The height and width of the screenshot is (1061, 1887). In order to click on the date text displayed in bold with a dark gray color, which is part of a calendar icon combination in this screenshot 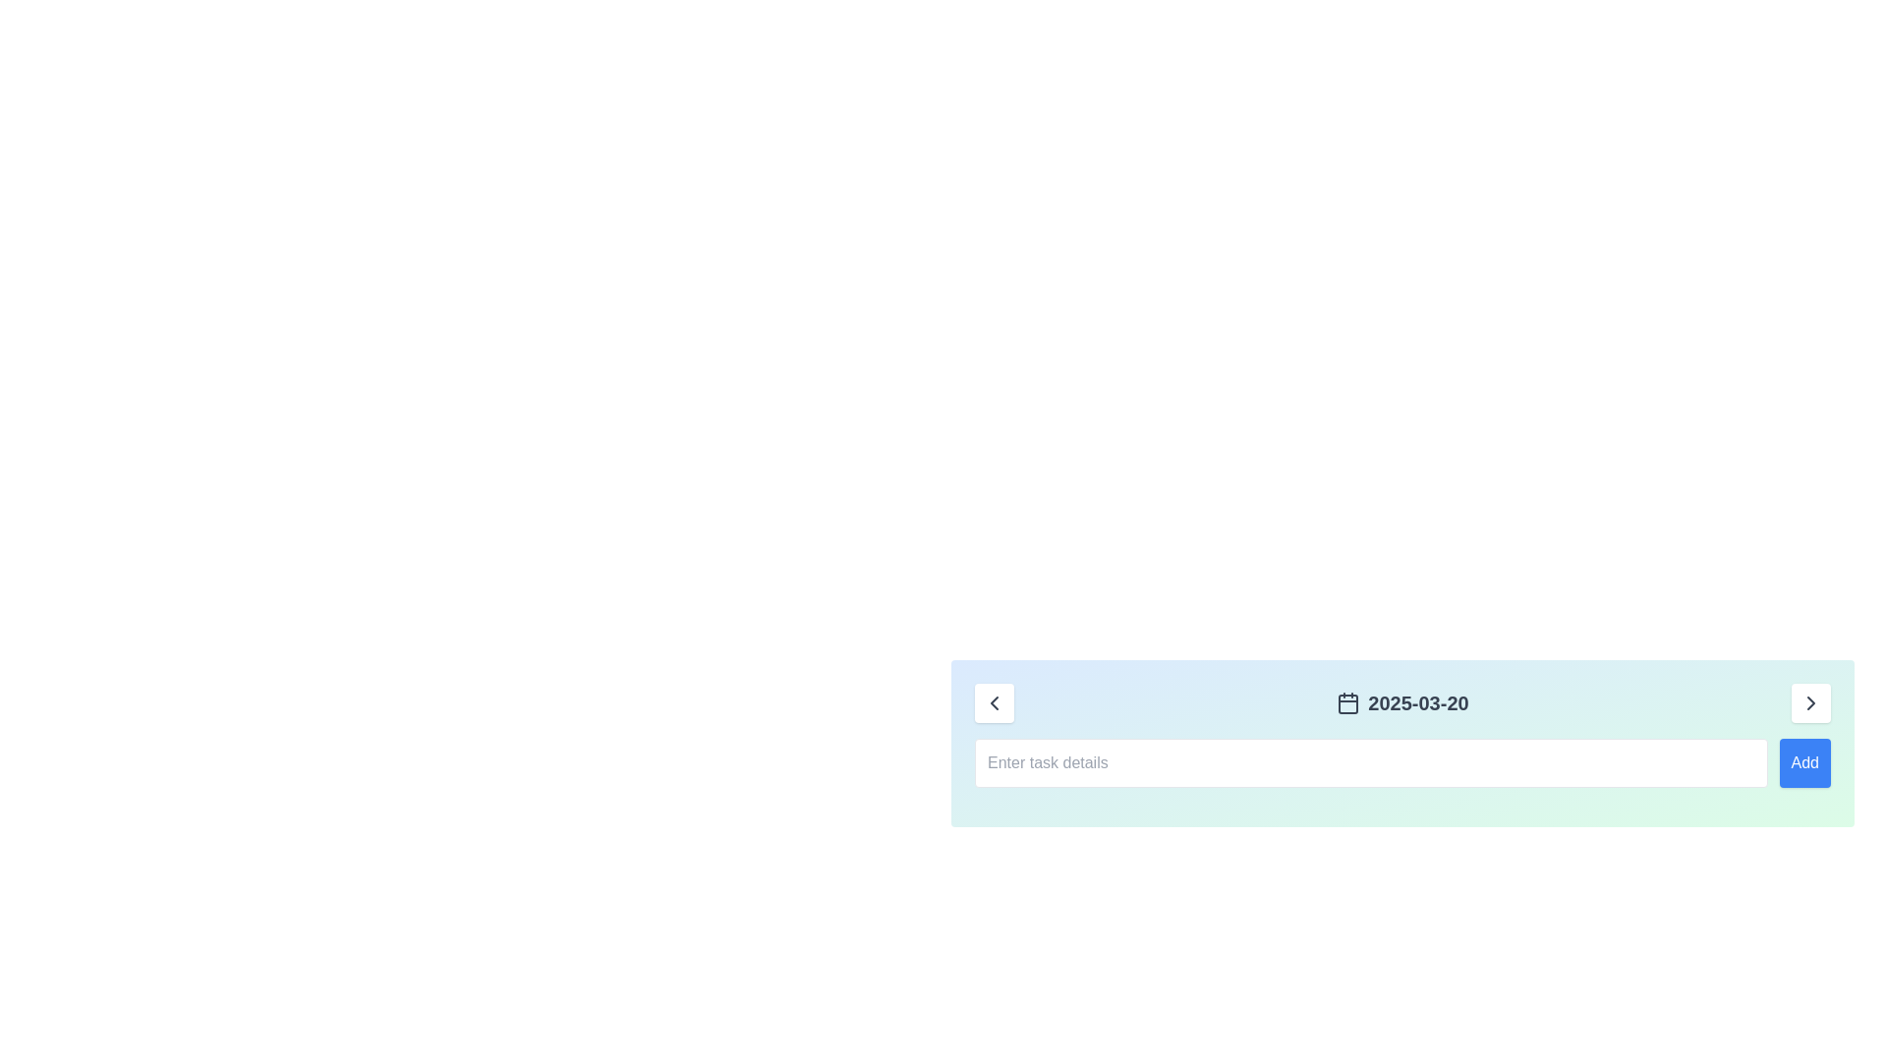, I will do `click(1401, 702)`.